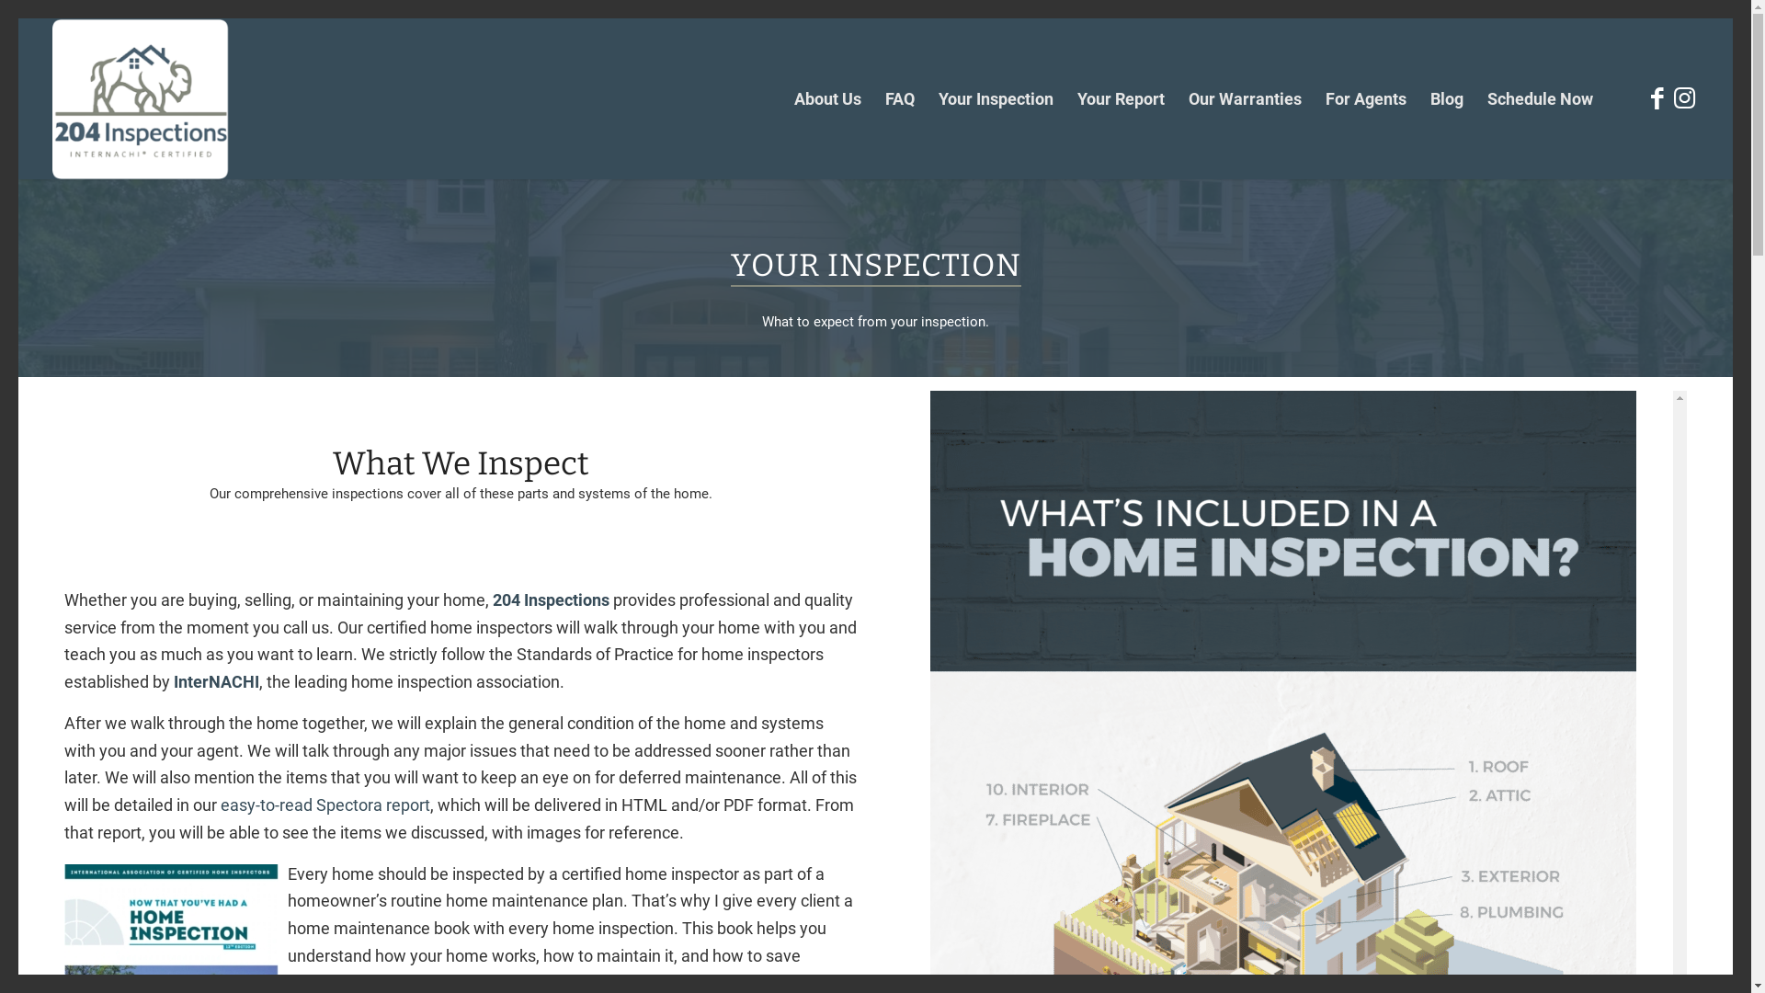  What do you see at coordinates (1540, 98) in the screenshot?
I see `'Schedule Now'` at bounding box center [1540, 98].